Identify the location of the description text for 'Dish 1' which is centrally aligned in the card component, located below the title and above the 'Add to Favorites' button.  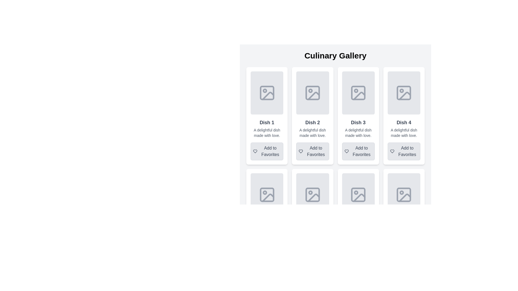
(267, 133).